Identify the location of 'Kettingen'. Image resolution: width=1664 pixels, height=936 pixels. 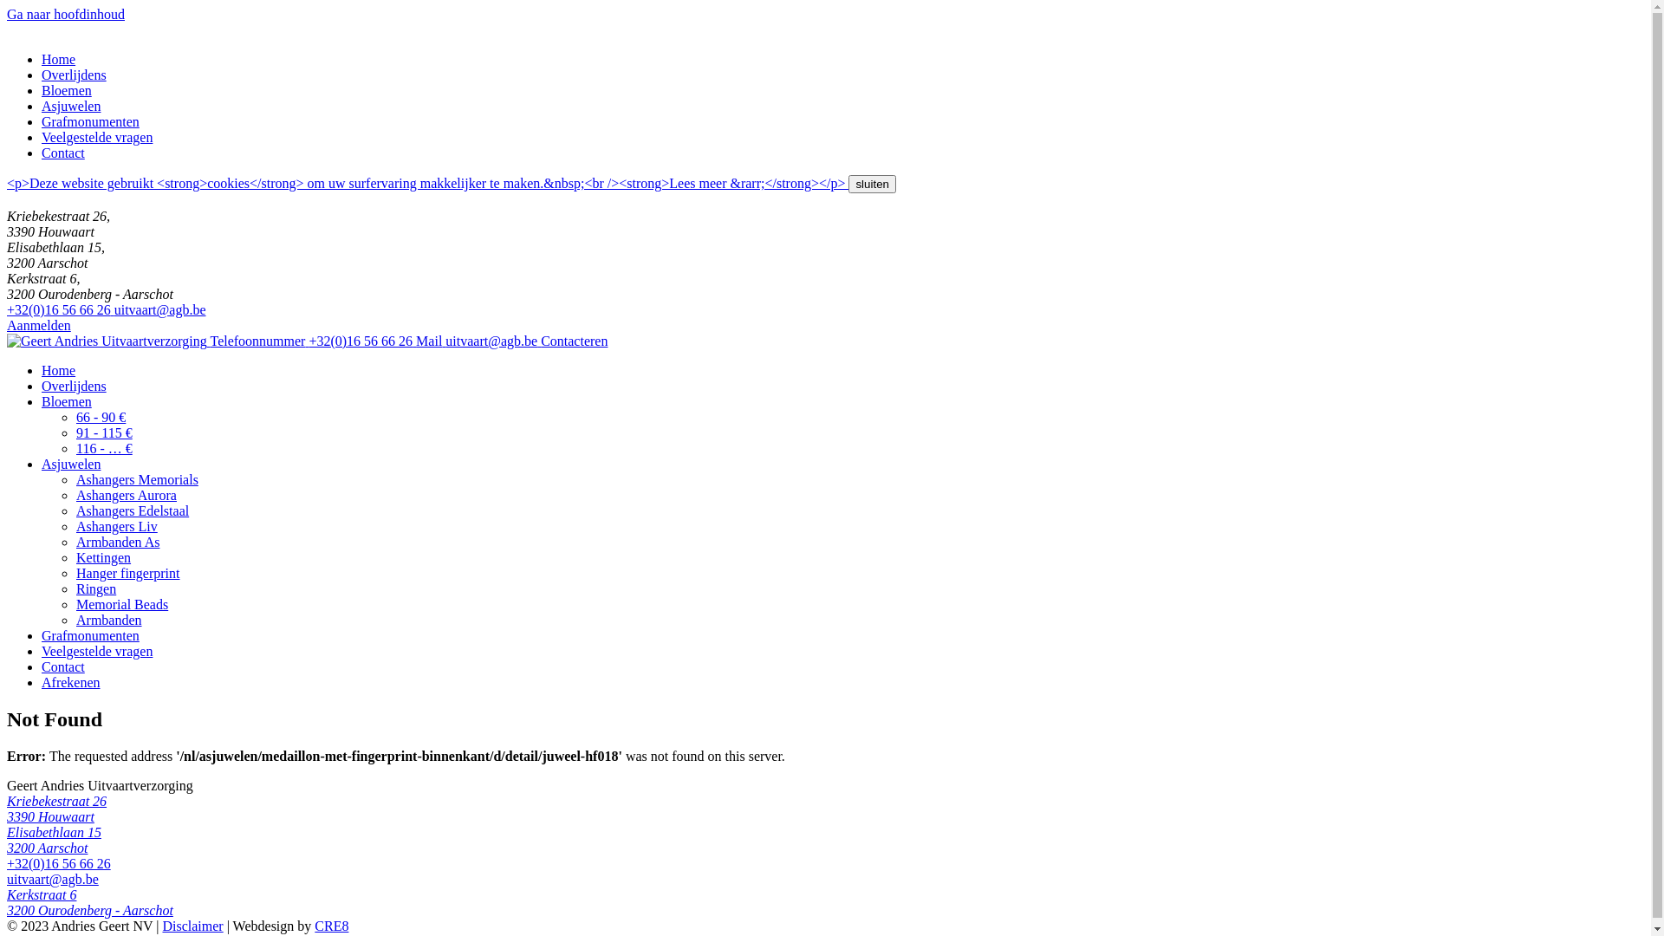
(75, 557).